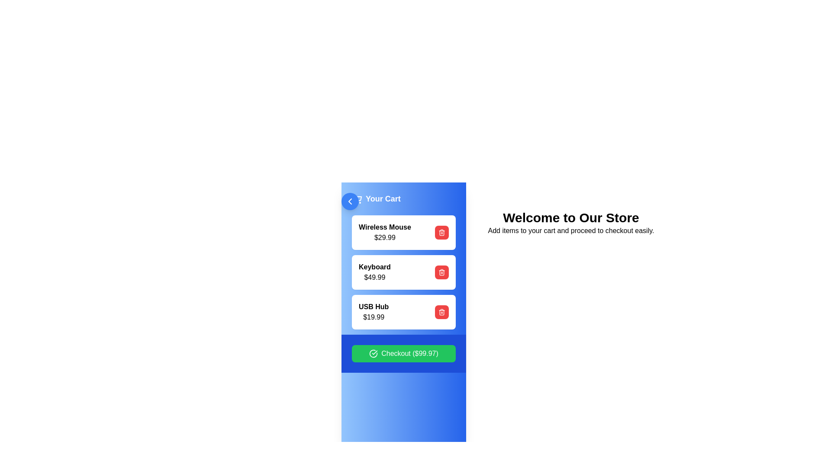 The image size is (831, 467). I want to click on the 'USB Hub' item in the shopping cart, so click(374, 312).